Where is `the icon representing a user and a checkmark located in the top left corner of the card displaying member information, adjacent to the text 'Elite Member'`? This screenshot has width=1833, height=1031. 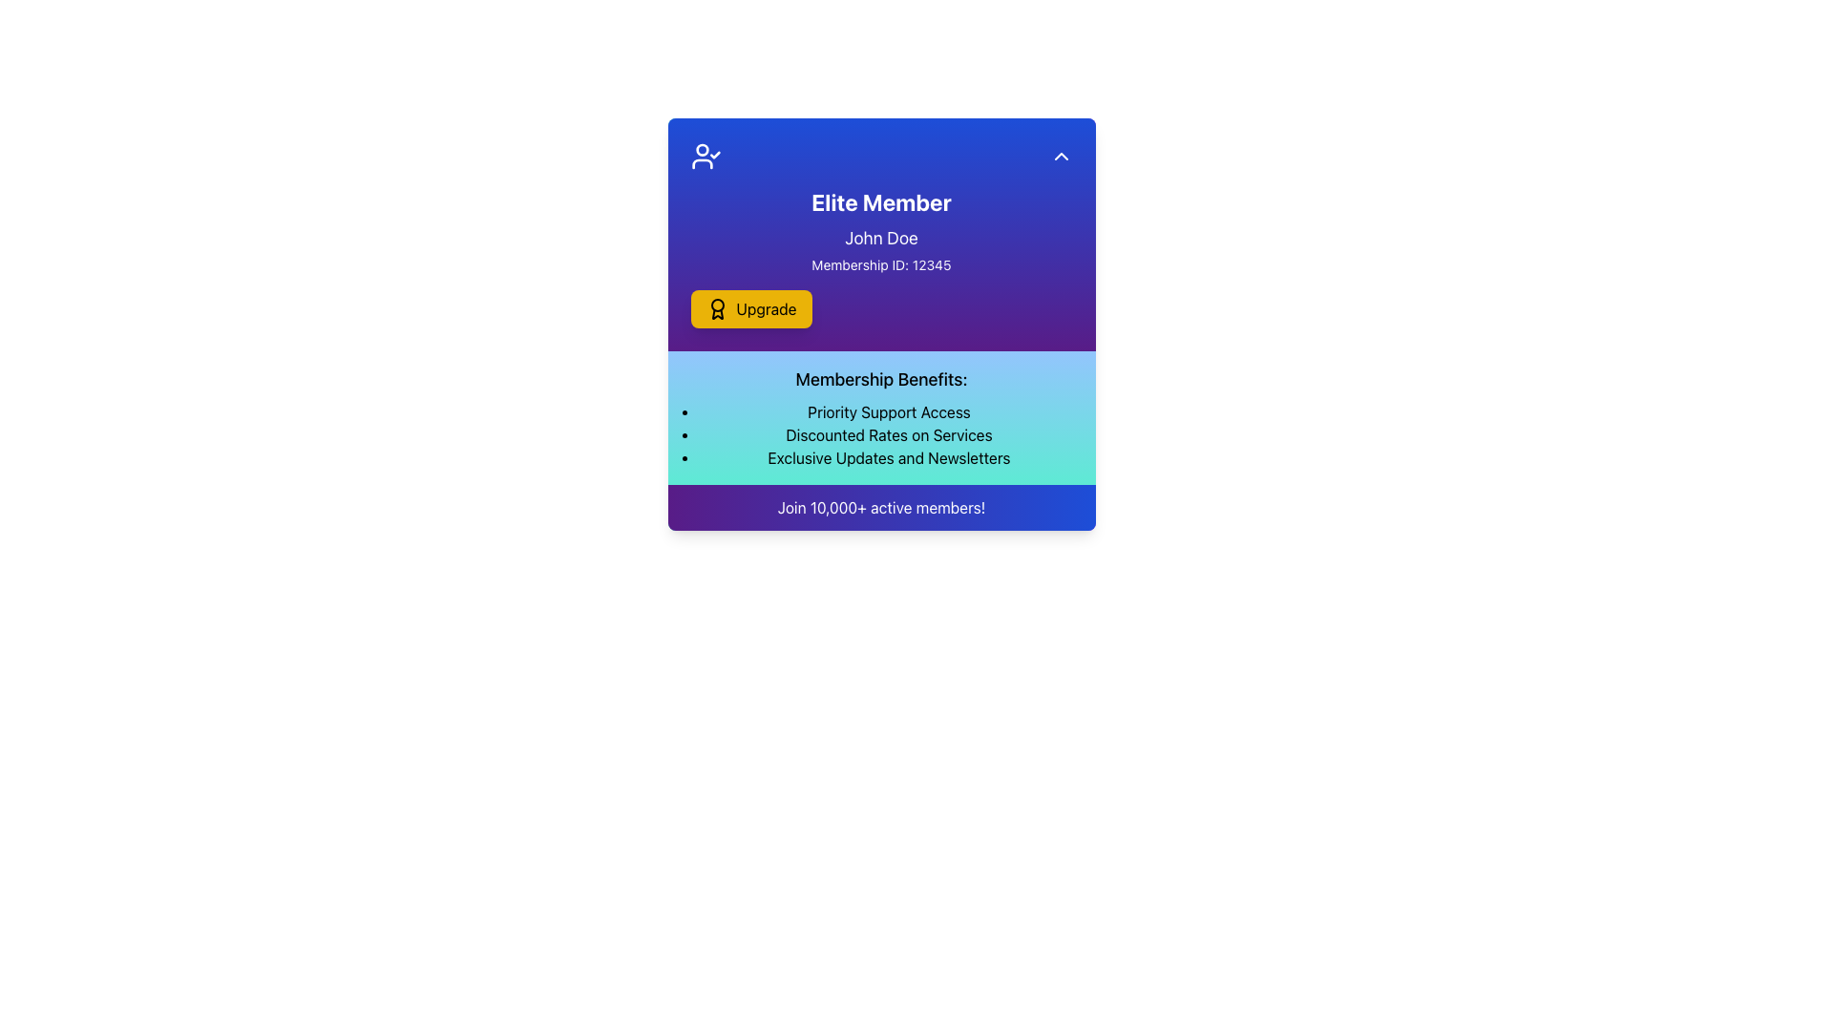 the icon representing a user and a checkmark located in the top left corner of the card displaying member information, adjacent to the text 'Elite Member' is located at coordinates (705, 156).